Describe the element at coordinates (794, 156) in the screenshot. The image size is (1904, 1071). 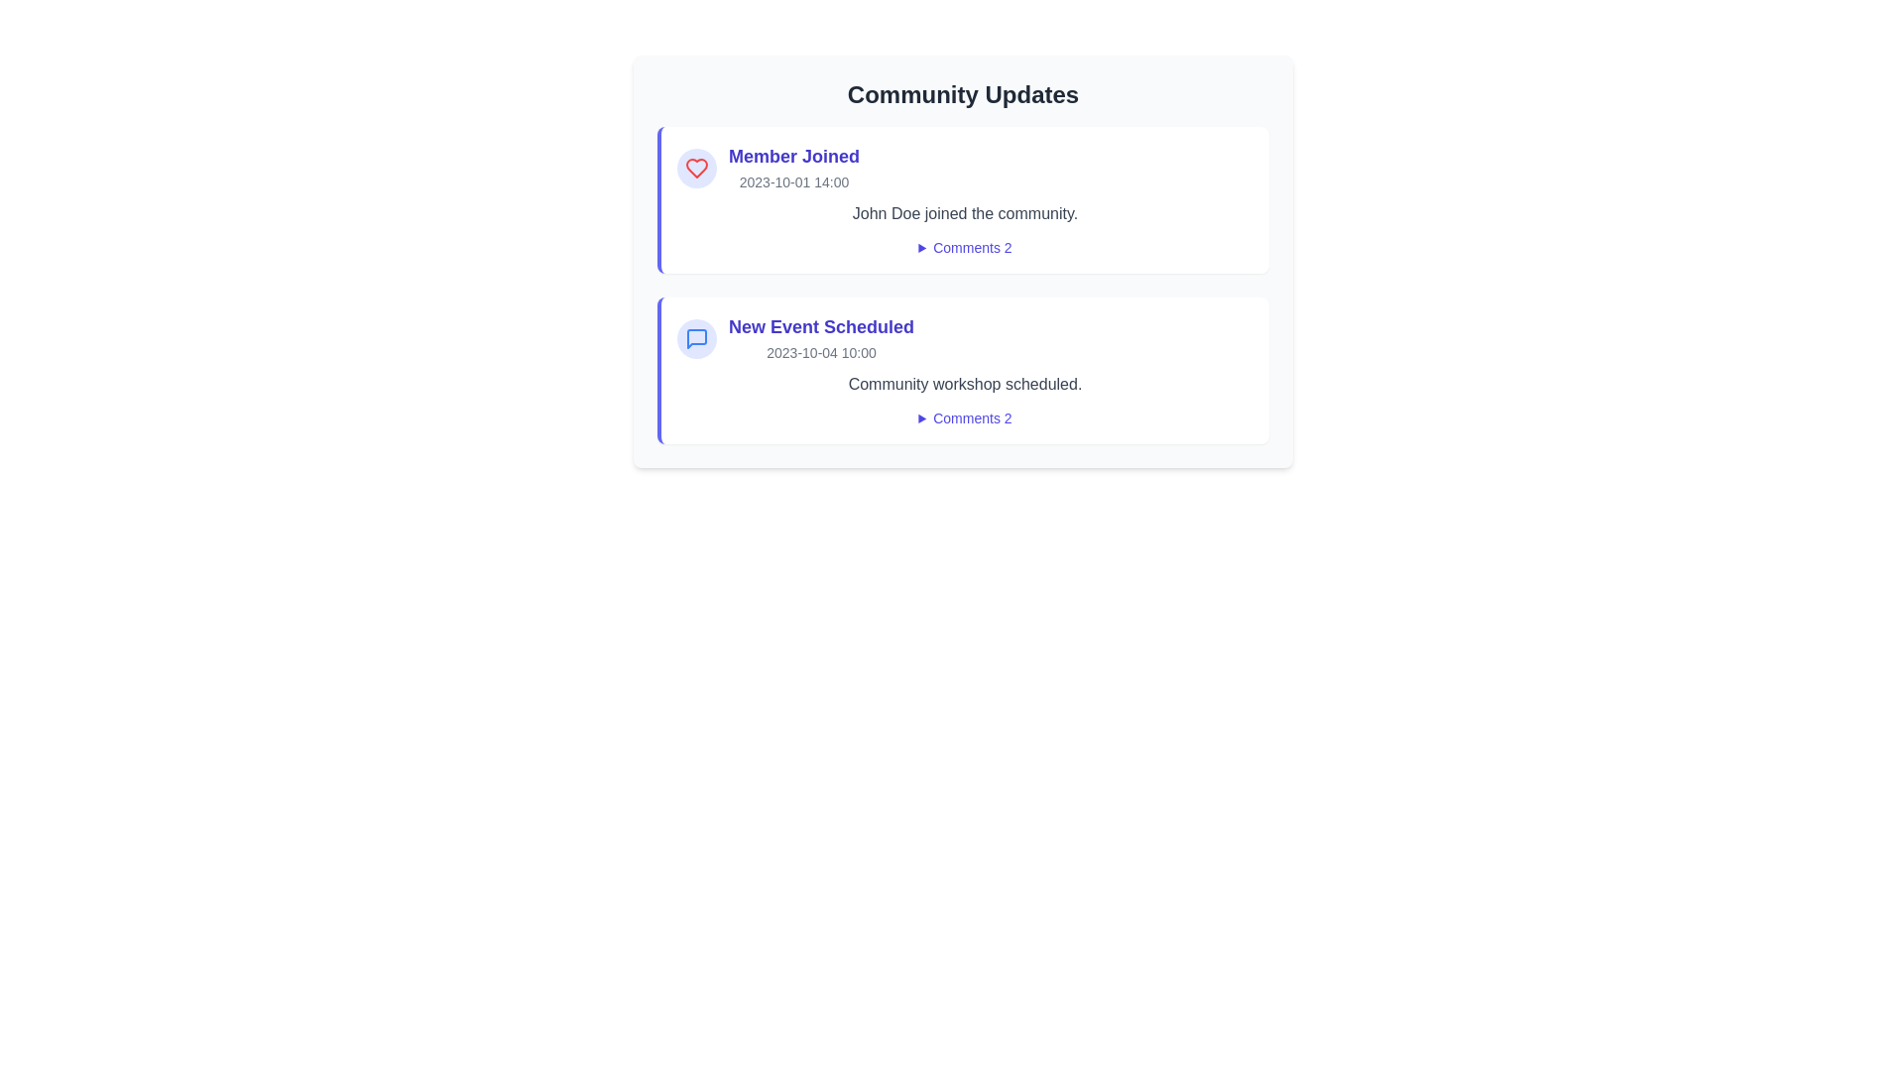
I see `the text label that reads 'Member Joined' displayed in a large, bold, indigo font, located in the upper part of the first community update card` at that location.